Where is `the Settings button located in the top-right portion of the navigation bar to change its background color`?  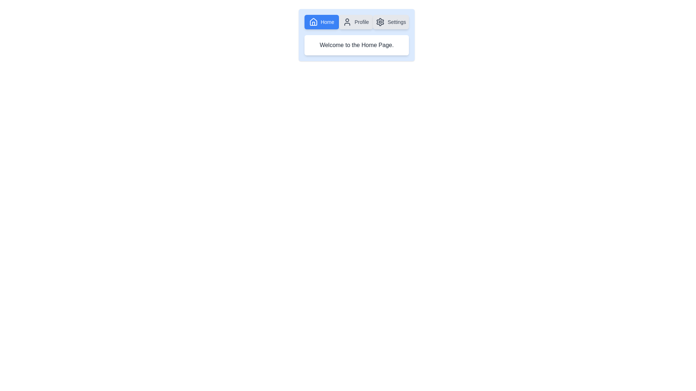
the Settings button located in the top-right portion of the navigation bar to change its background color is located at coordinates (390, 22).